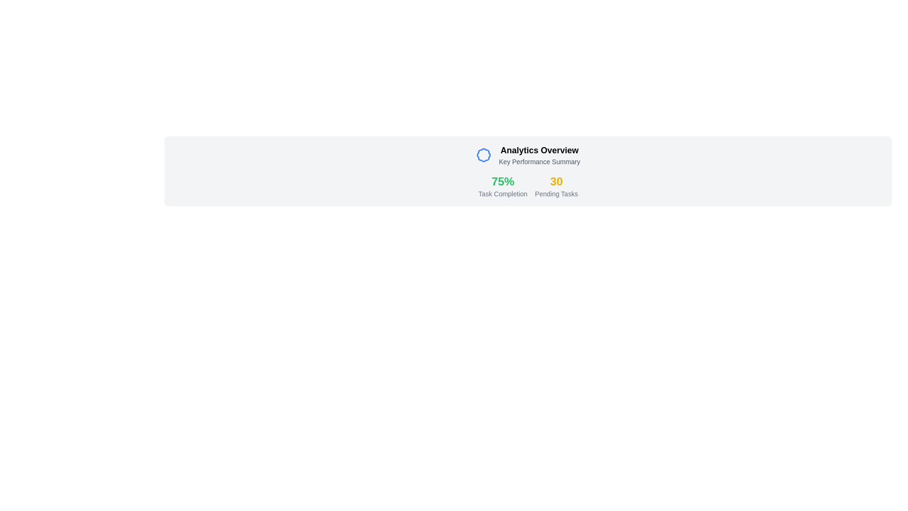 The image size is (908, 511). What do you see at coordinates (502, 186) in the screenshot?
I see `the Informational display with text that shows '75%' in a large, bold, green font and 'Task Completion' in smaller, gray font, positioned in the Analytics Overview section` at bounding box center [502, 186].